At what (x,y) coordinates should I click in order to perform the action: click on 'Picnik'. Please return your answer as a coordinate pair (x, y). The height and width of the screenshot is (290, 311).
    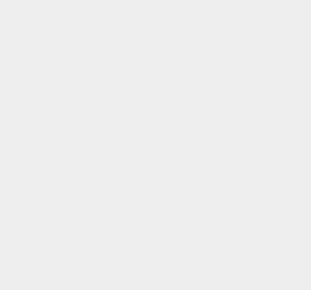
    Looking at the image, I should click on (224, 116).